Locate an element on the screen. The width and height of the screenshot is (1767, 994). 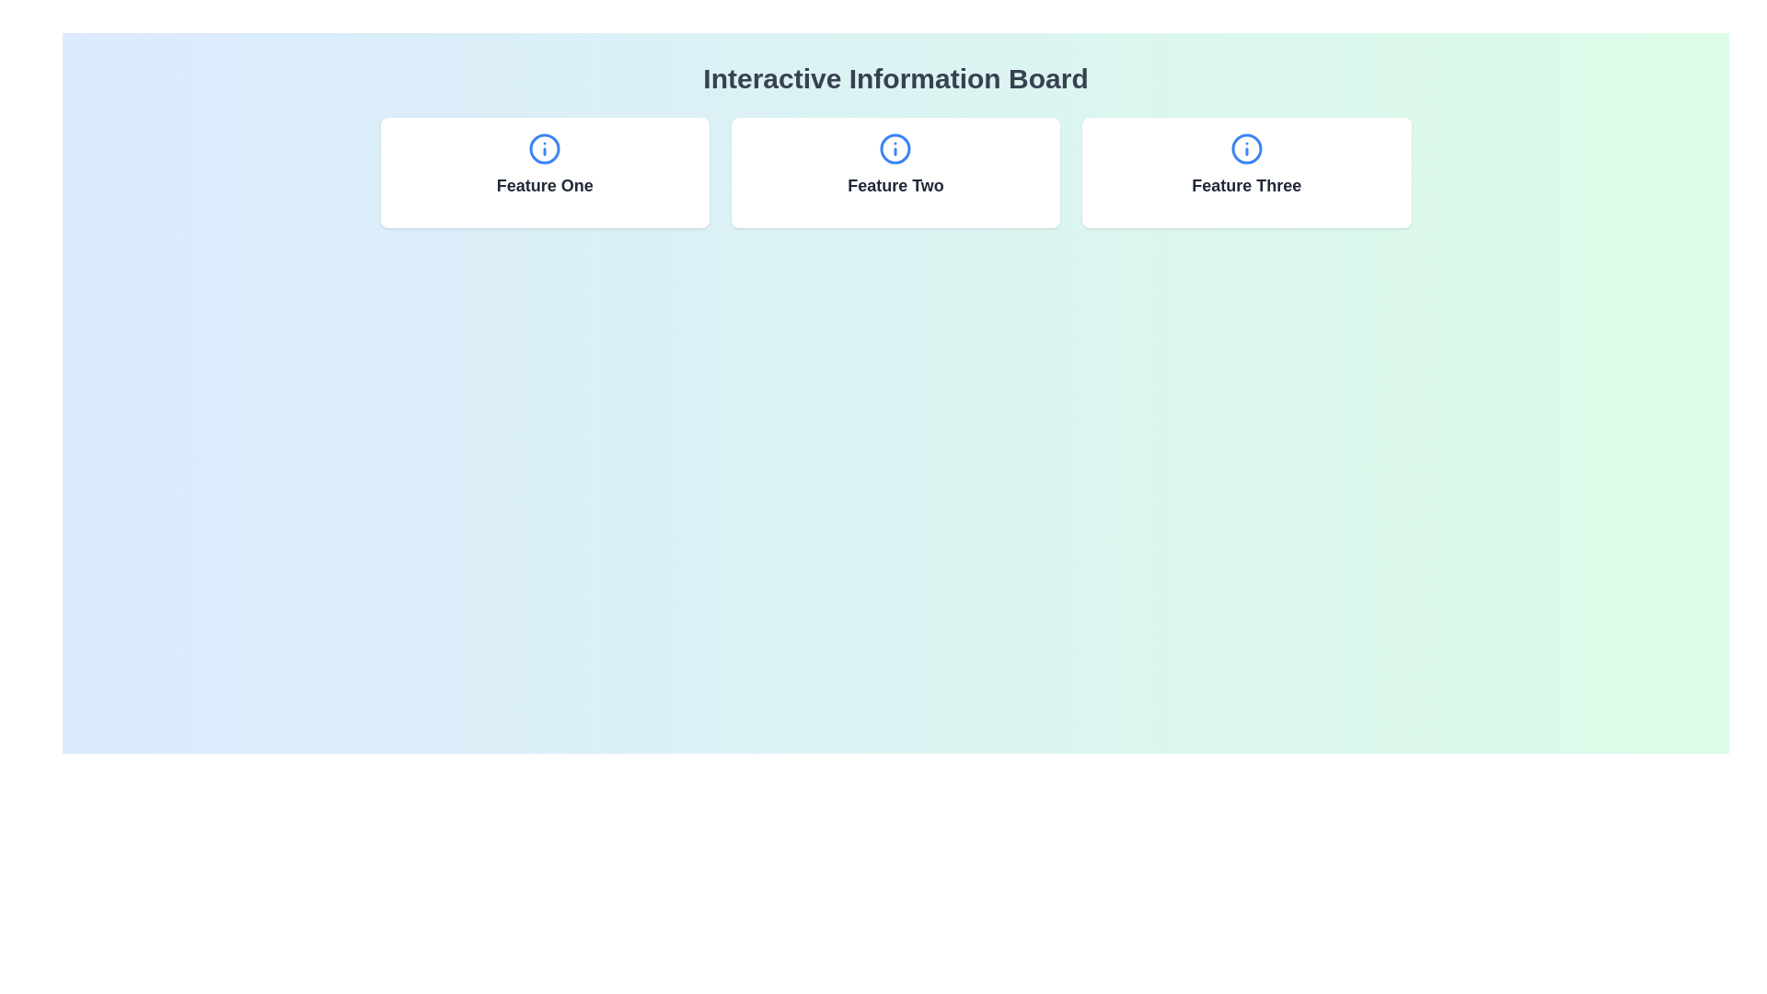
the Informational card titled 'Feature Three', which is the third card in a grid layout with a white background, rounded corners, and a blue circular icon at the top is located at coordinates (1246, 173).